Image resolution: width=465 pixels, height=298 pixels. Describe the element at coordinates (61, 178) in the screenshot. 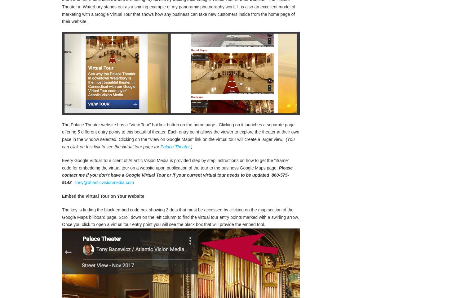

I see `'Please contact me if you don’t have a Google Virtual Tour or if your current virtual tour needs to be updated'` at that location.